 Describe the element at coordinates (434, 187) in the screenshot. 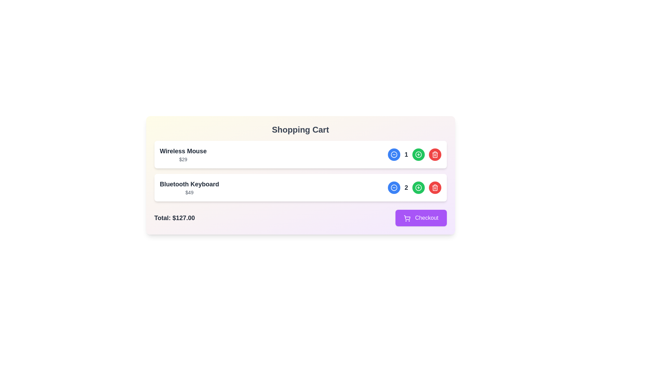

I see `the third circular button in the shopping cart interface` at that location.